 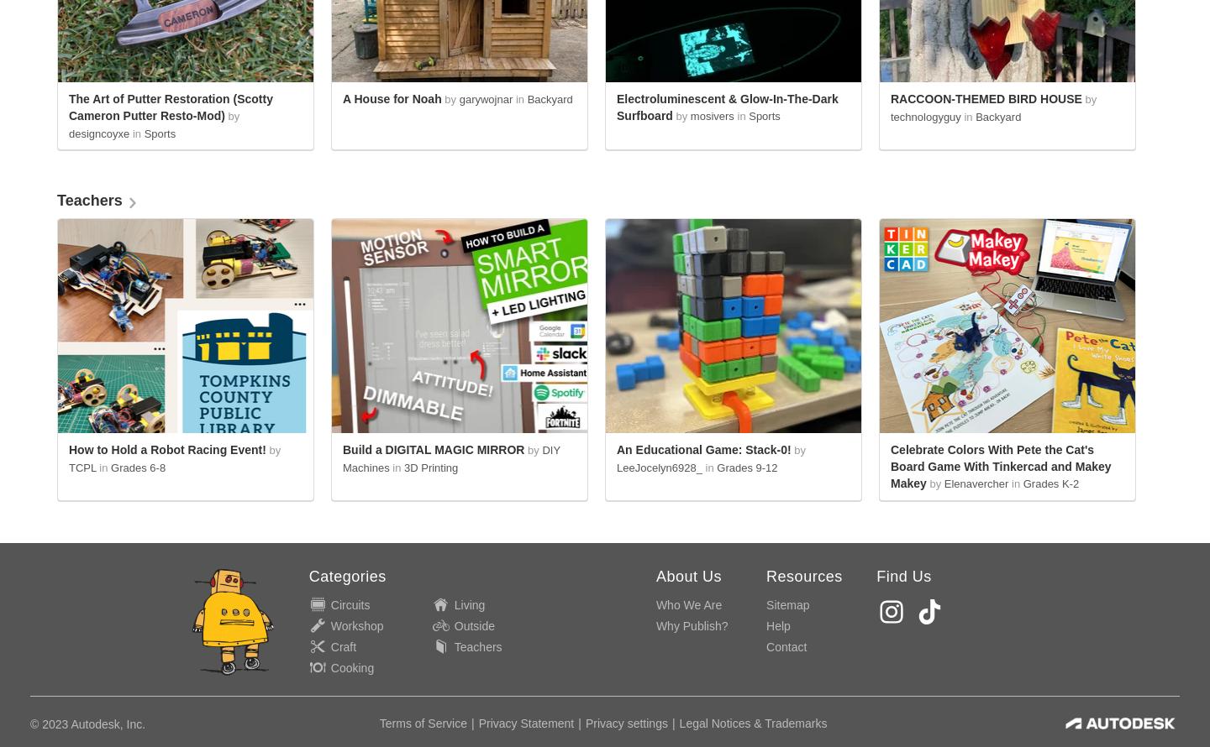 I want to click on 'Sitemap', so click(x=787, y=603).